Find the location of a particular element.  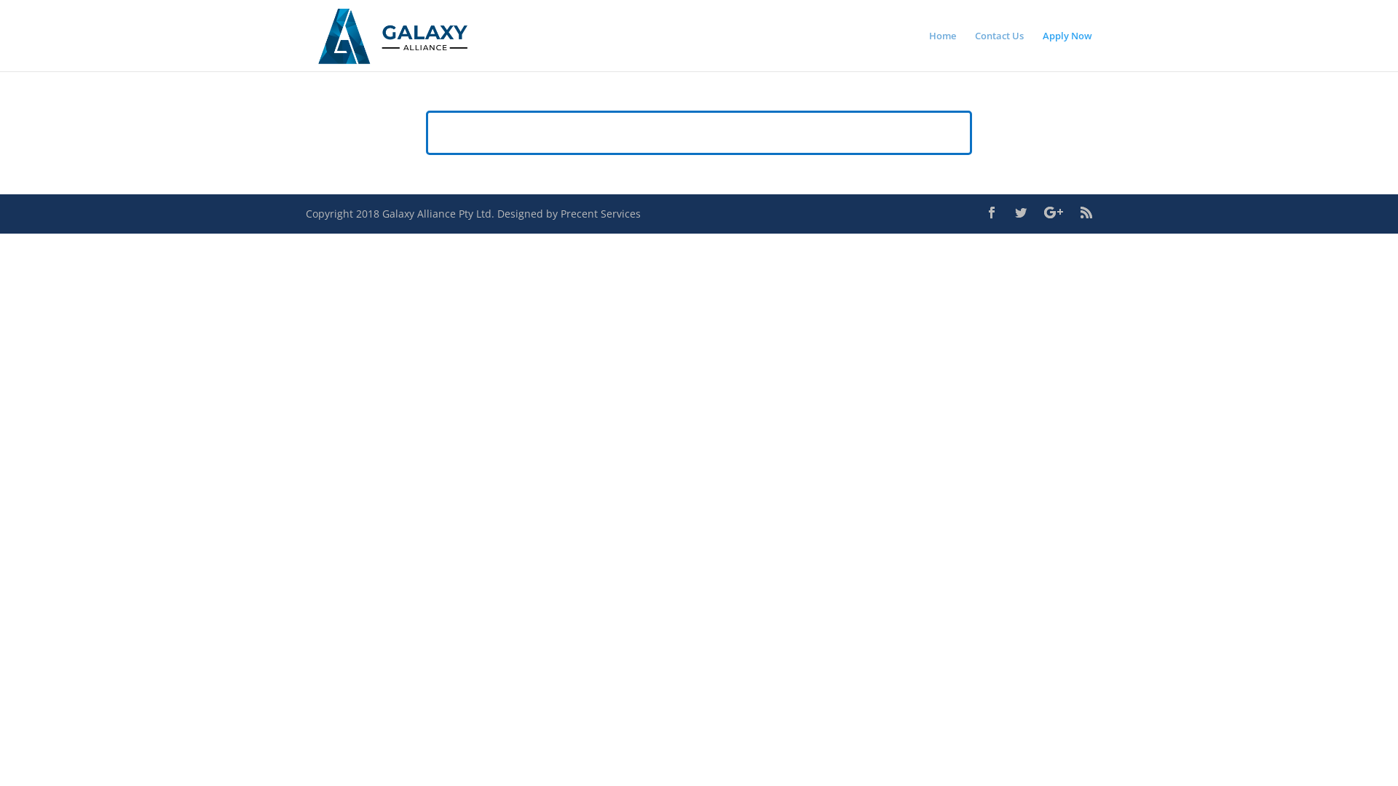

'Apply Now' is located at coordinates (1067, 49).